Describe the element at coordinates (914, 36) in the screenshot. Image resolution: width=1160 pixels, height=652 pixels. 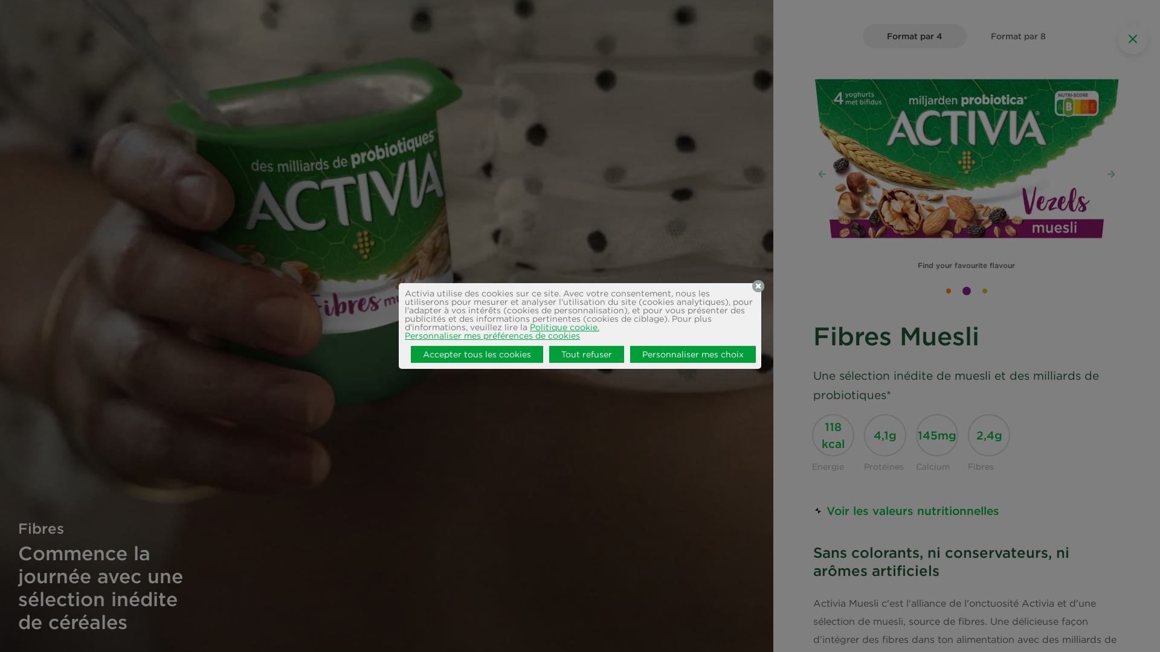
I see `'Format par 4'` at that location.